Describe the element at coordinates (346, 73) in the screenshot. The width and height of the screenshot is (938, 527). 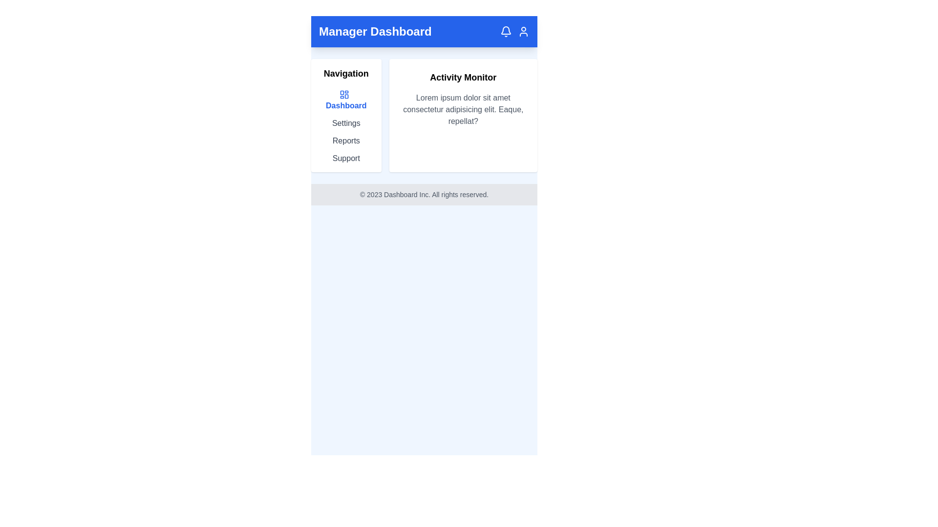
I see `the 'Navigation' text label, which is a bold heading above the navigation menu containing links like 'Dashboard', 'Settings', 'Reports', and 'Support'` at that location.